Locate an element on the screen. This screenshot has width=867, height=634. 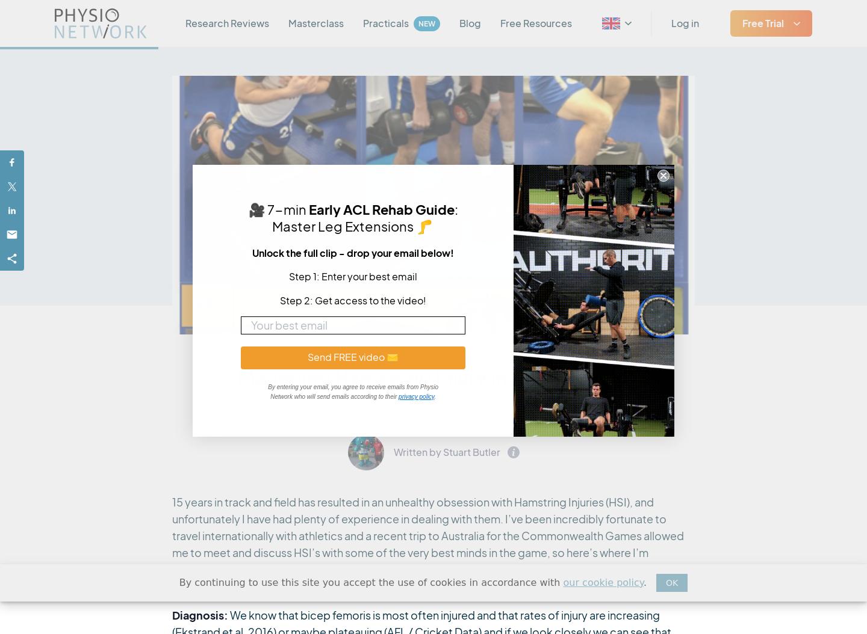
'PT' is located at coordinates (622, 180).